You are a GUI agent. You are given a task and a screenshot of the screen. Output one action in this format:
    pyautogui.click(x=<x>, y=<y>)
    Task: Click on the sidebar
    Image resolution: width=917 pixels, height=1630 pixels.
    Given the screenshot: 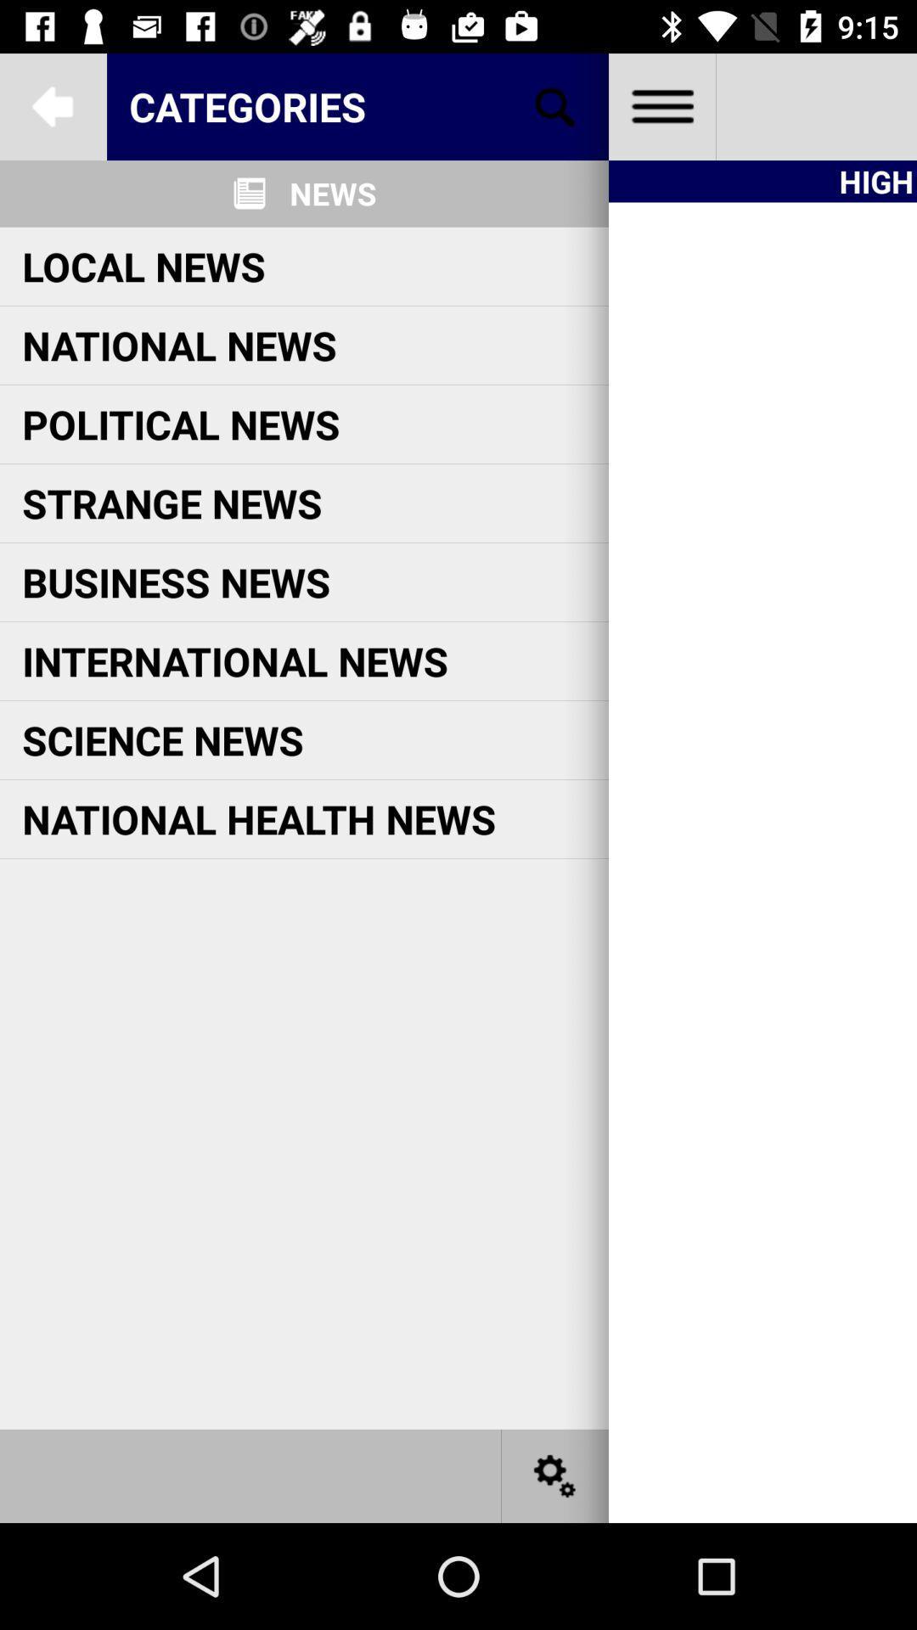 What is the action you would take?
    pyautogui.click(x=661, y=105)
    